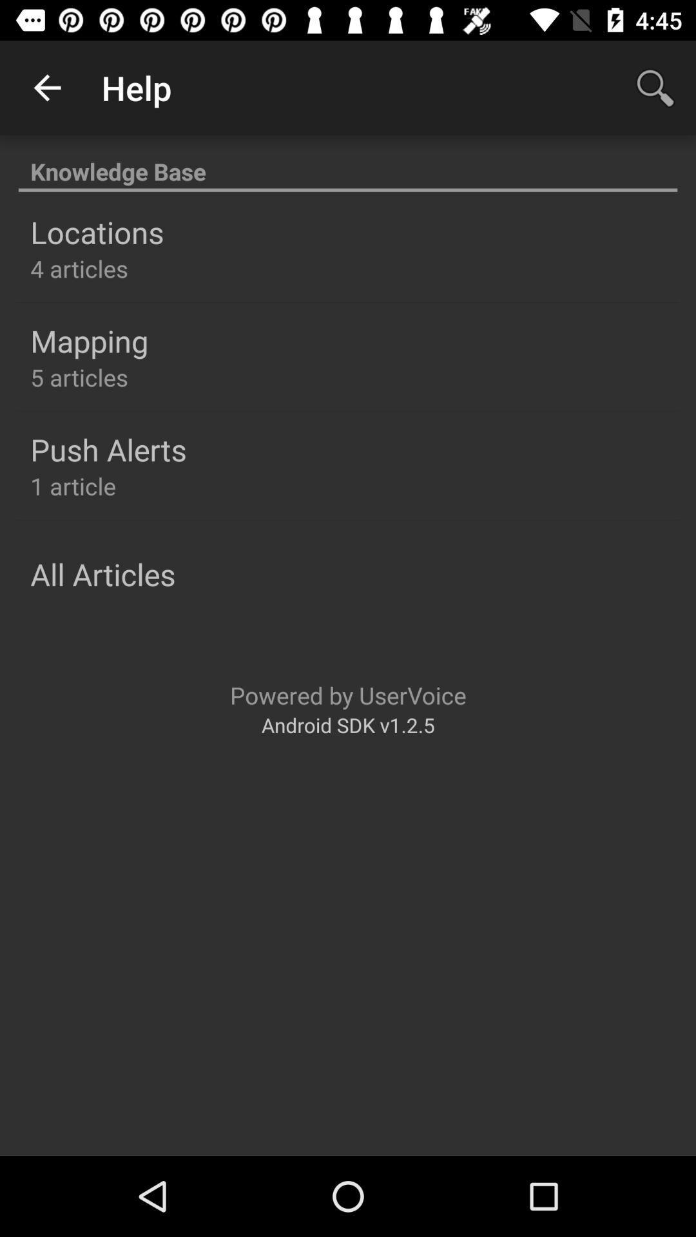 The height and width of the screenshot is (1237, 696). Describe the element at coordinates (96, 232) in the screenshot. I see `icon below knowledge base icon` at that location.